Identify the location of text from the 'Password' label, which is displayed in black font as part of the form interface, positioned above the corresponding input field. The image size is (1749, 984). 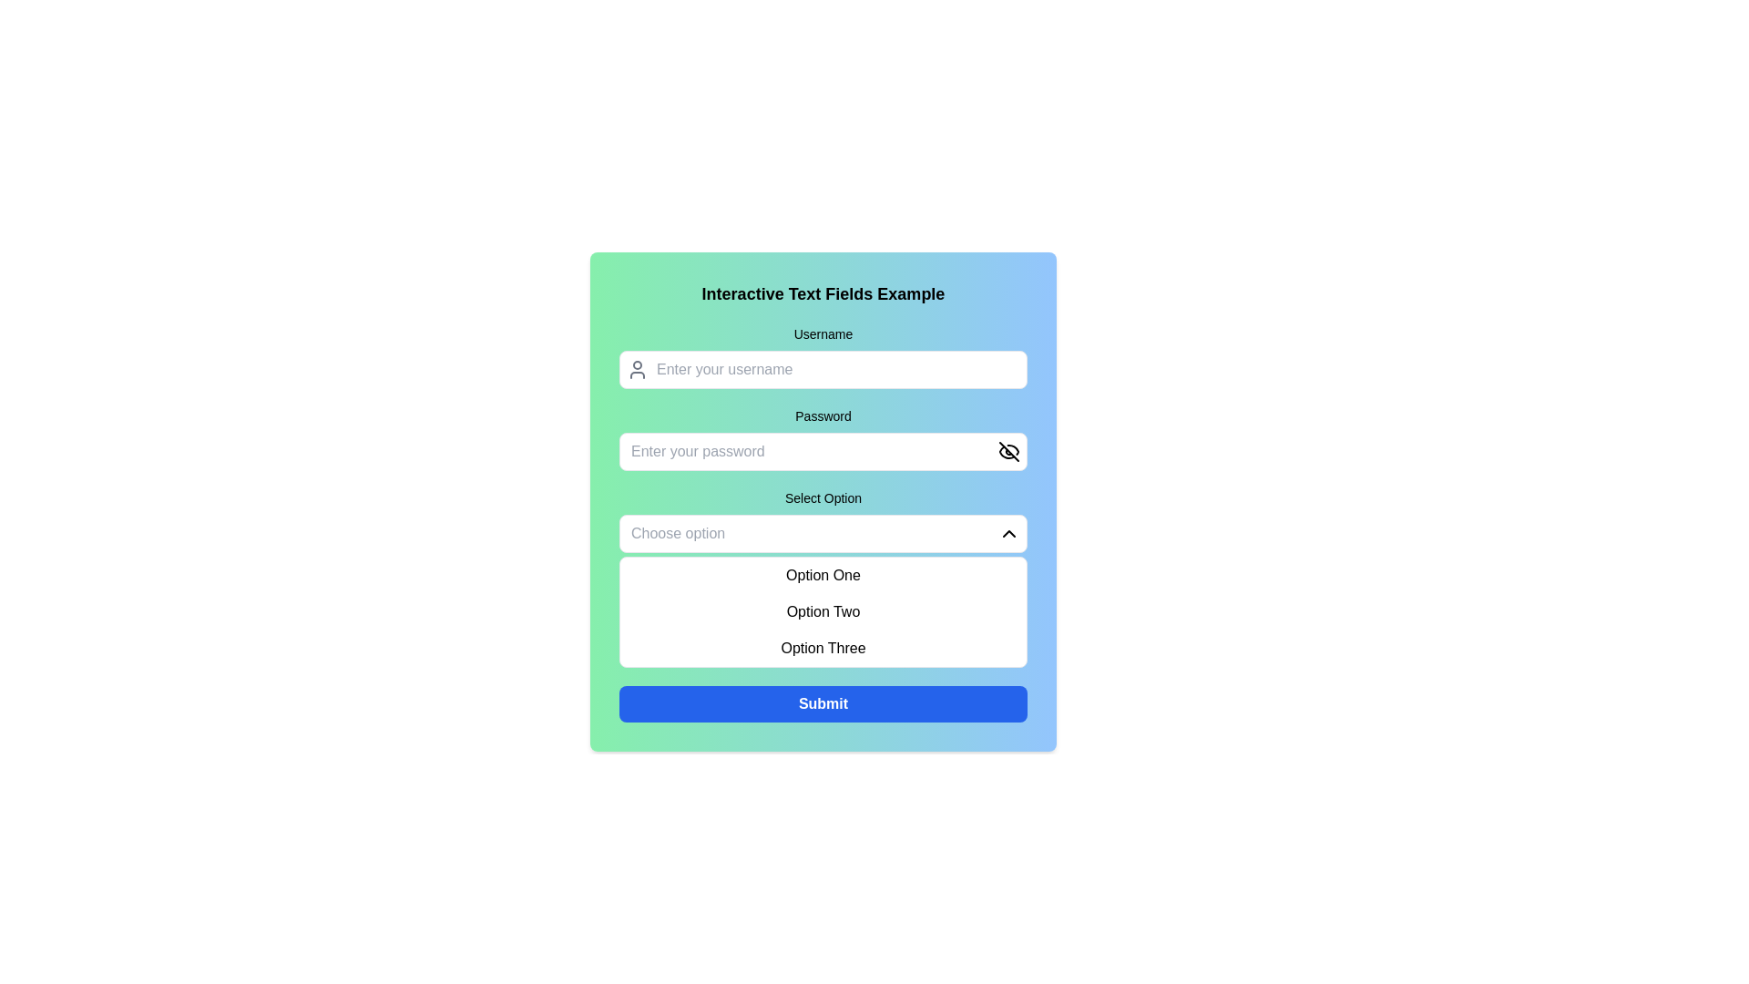
(822, 415).